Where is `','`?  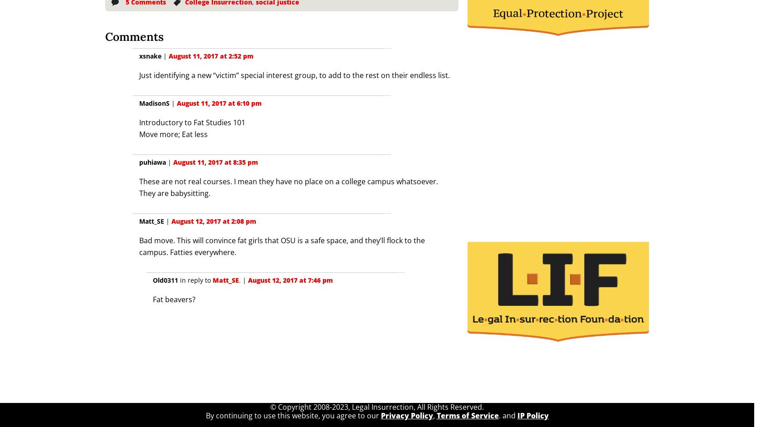
',' is located at coordinates (434, 415).